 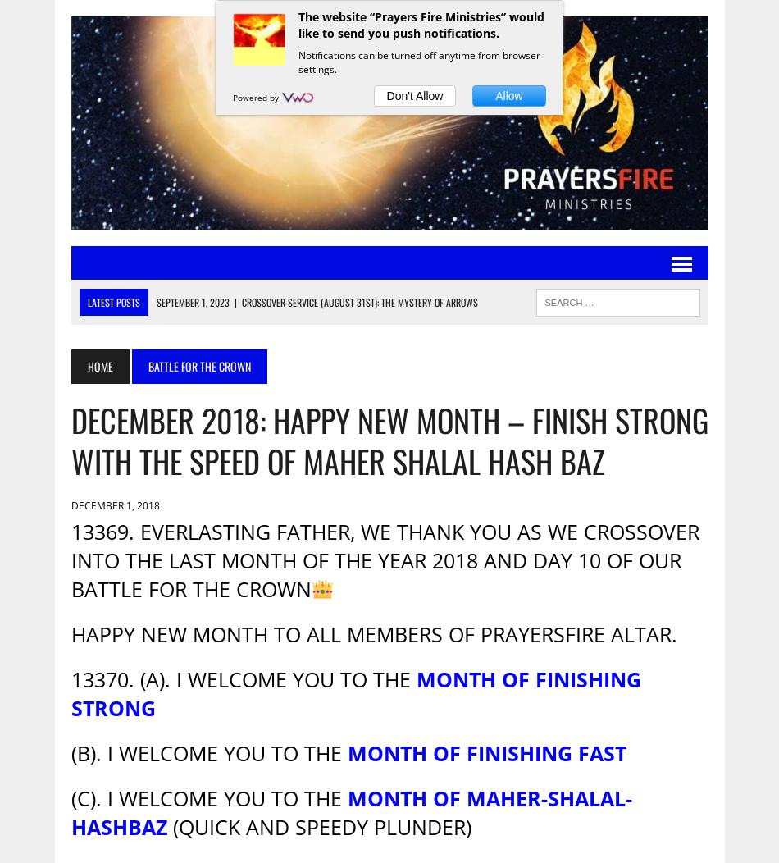 I want to click on '13370. (A). I WELCOME YOU TO THE', so click(x=242, y=679).